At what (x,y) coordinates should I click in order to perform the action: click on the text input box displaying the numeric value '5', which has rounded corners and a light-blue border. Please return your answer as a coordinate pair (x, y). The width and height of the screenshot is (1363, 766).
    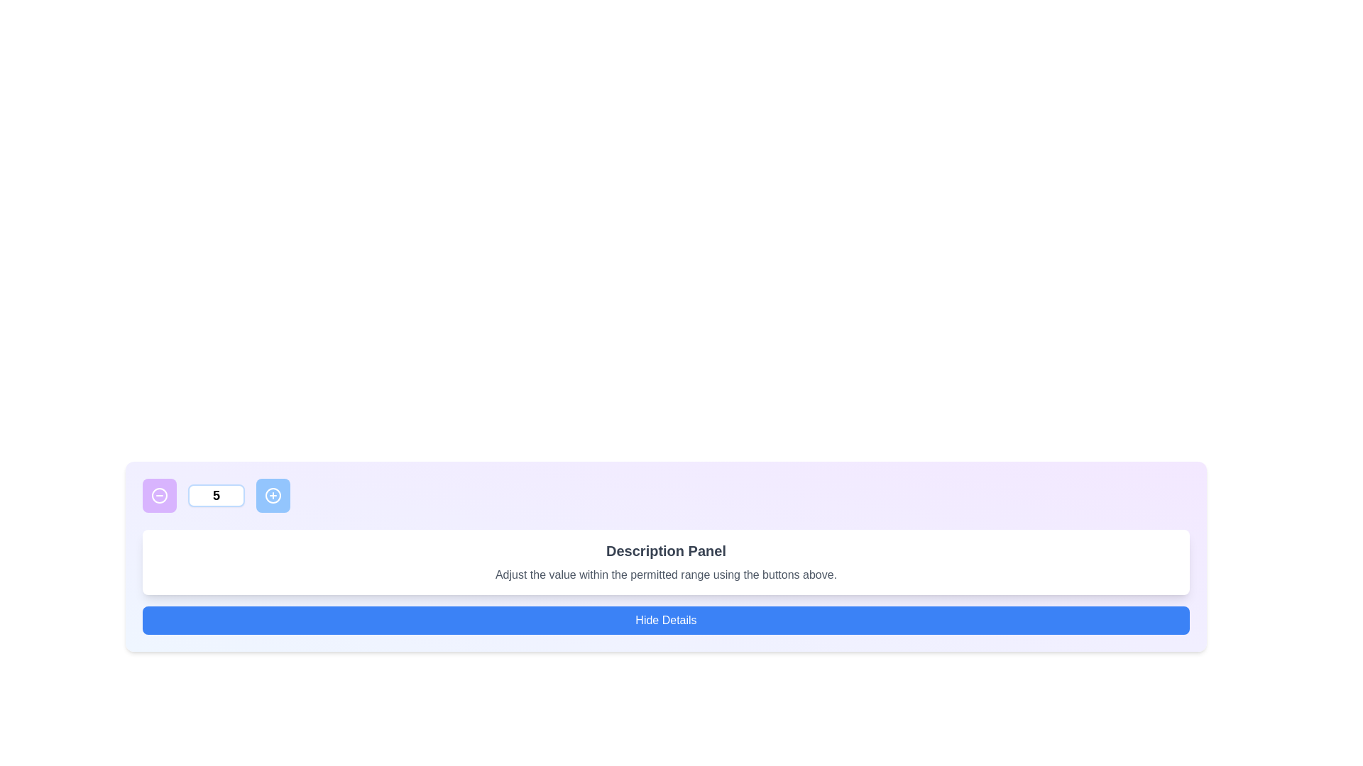
    Looking at the image, I should click on (216, 494).